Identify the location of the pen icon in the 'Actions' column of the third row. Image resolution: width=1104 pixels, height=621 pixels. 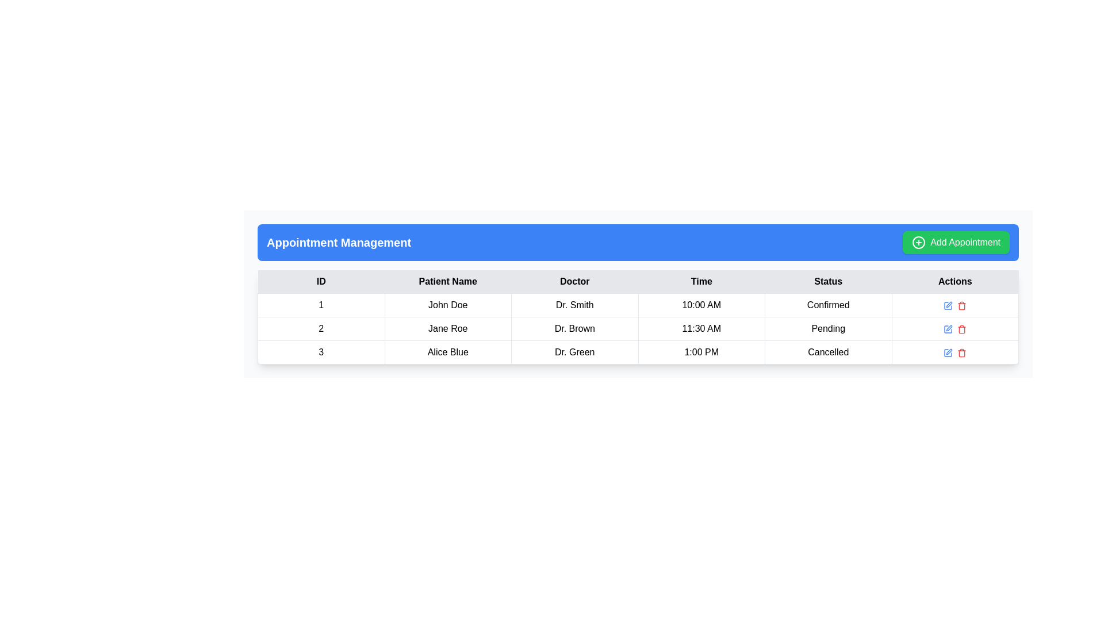
(949, 351).